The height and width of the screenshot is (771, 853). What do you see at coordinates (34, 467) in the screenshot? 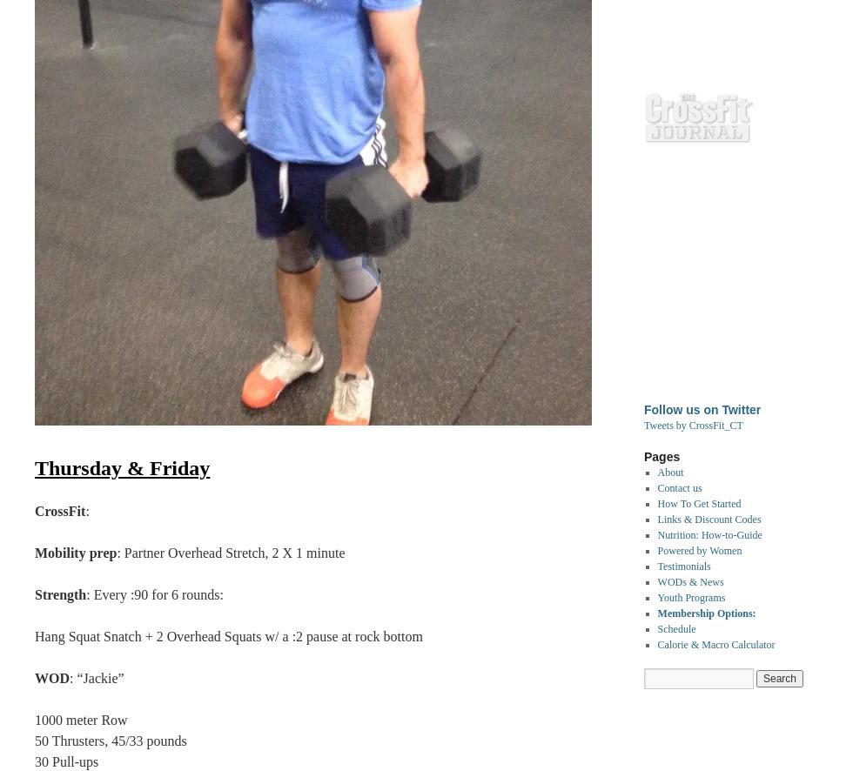
I see `'Thursday & Friday'` at bounding box center [34, 467].